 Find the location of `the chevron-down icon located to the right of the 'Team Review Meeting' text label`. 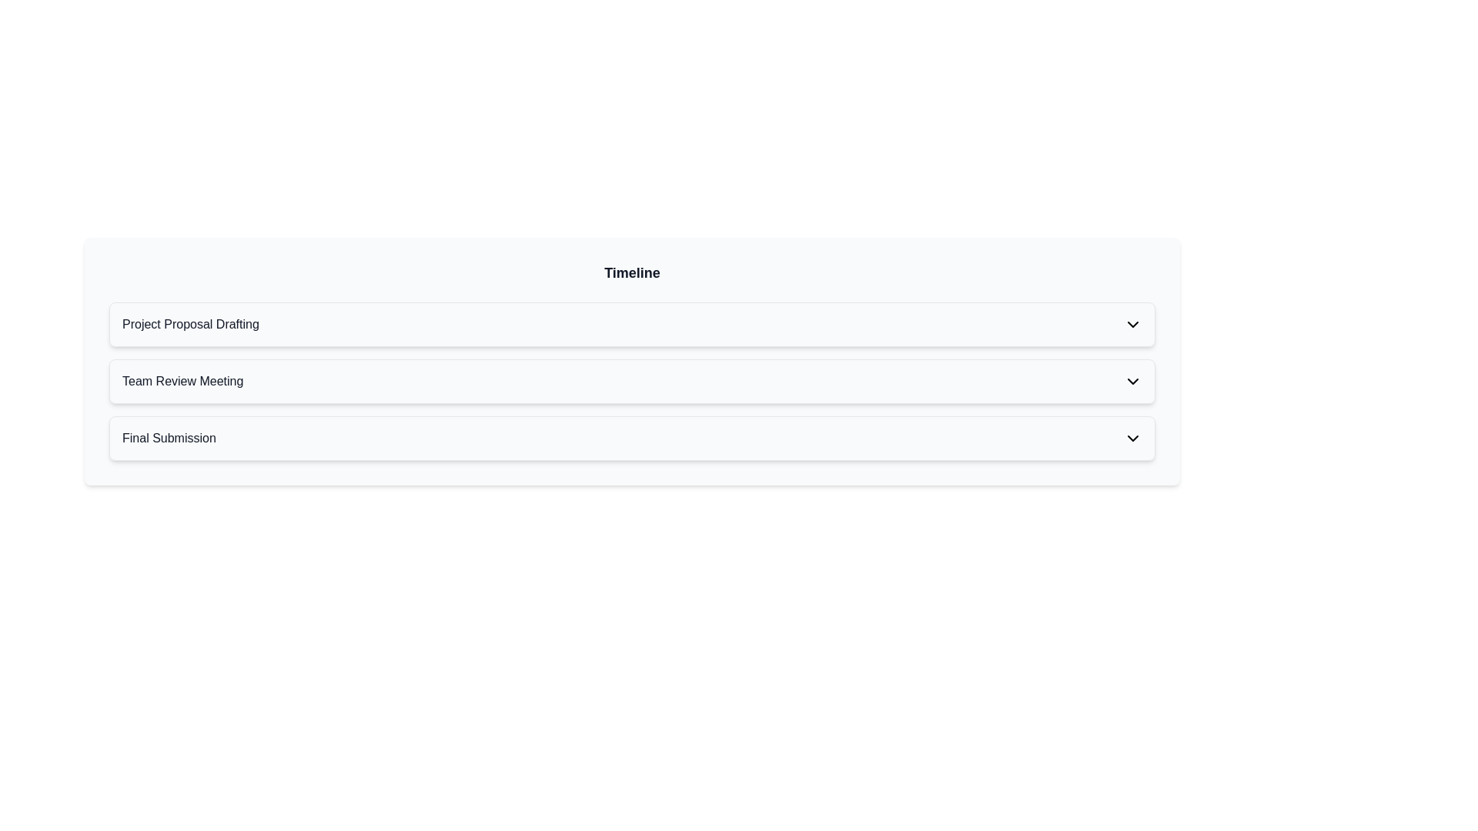

the chevron-down icon located to the right of the 'Team Review Meeting' text label is located at coordinates (1133, 381).